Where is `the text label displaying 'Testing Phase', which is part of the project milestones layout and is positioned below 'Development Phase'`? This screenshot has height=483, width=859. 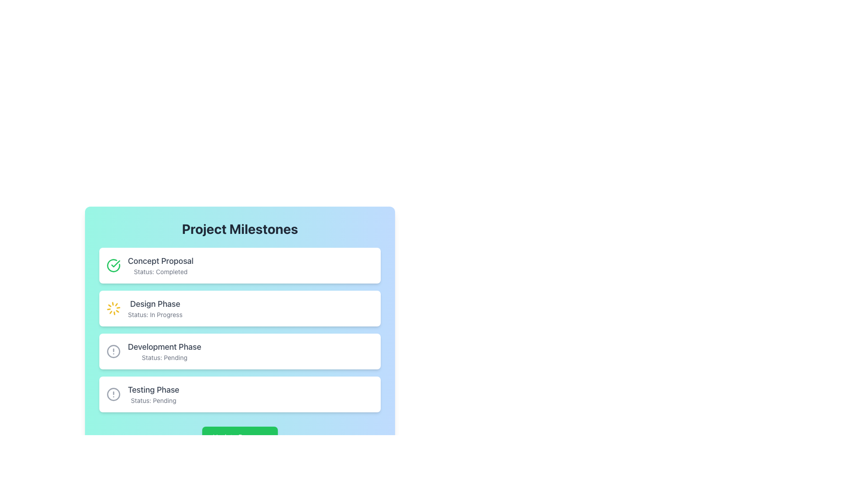
the text label displaying 'Testing Phase', which is part of the project milestones layout and is positioned below 'Development Phase' is located at coordinates (153, 389).